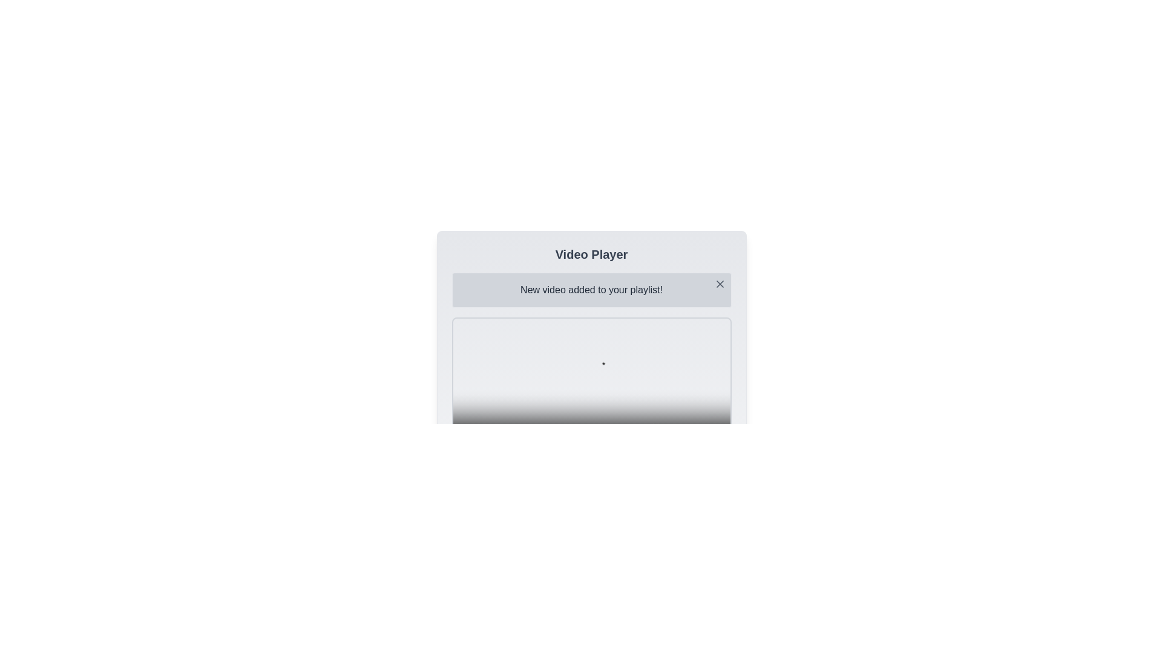 This screenshot has width=1162, height=653. What do you see at coordinates (591, 388) in the screenshot?
I see `the video player placeholder that displays the message 'Your browser does not support the video tag.' with a light gray rounded rectangular border` at bounding box center [591, 388].